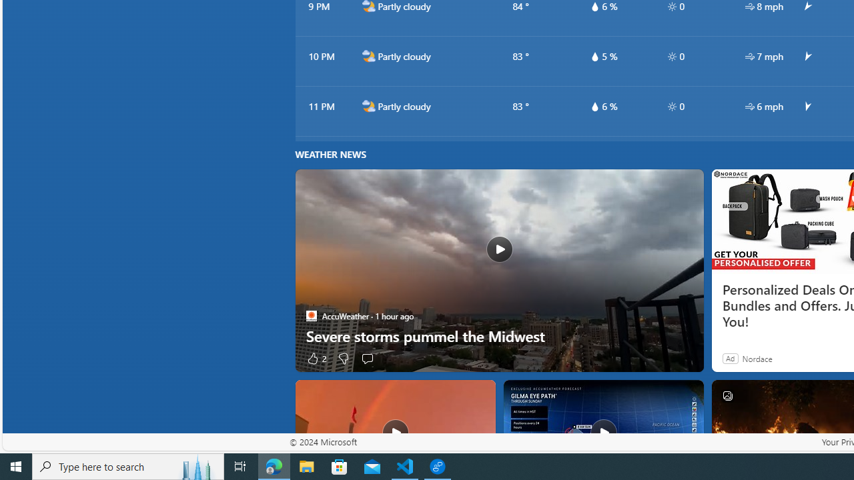  Describe the element at coordinates (310, 315) in the screenshot. I see `'AccuWeather'` at that location.